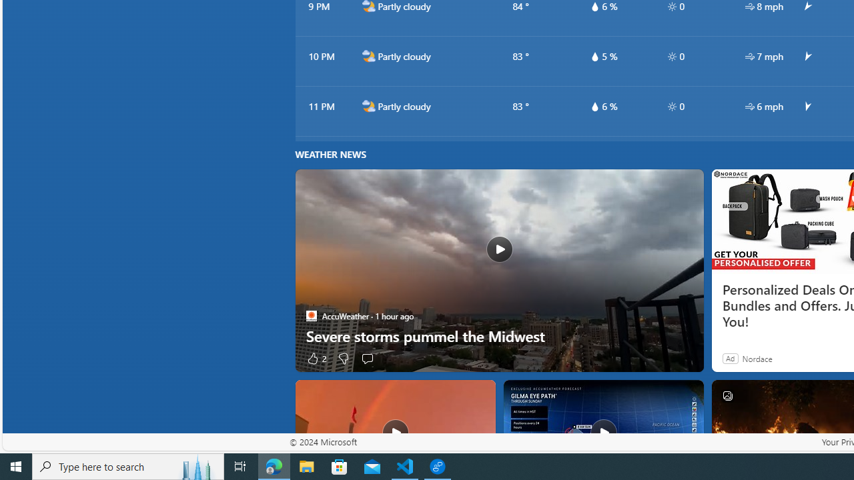  Describe the element at coordinates (310, 315) in the screenshot. I see `'AccuWeather'` at that location.